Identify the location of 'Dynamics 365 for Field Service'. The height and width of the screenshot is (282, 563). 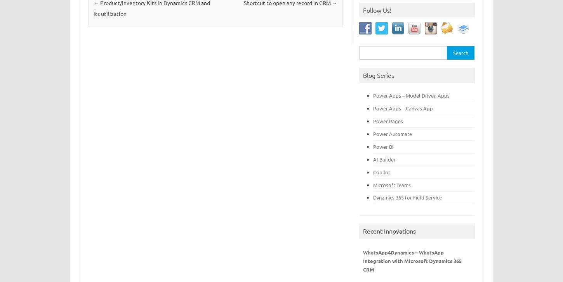
(373, 197).